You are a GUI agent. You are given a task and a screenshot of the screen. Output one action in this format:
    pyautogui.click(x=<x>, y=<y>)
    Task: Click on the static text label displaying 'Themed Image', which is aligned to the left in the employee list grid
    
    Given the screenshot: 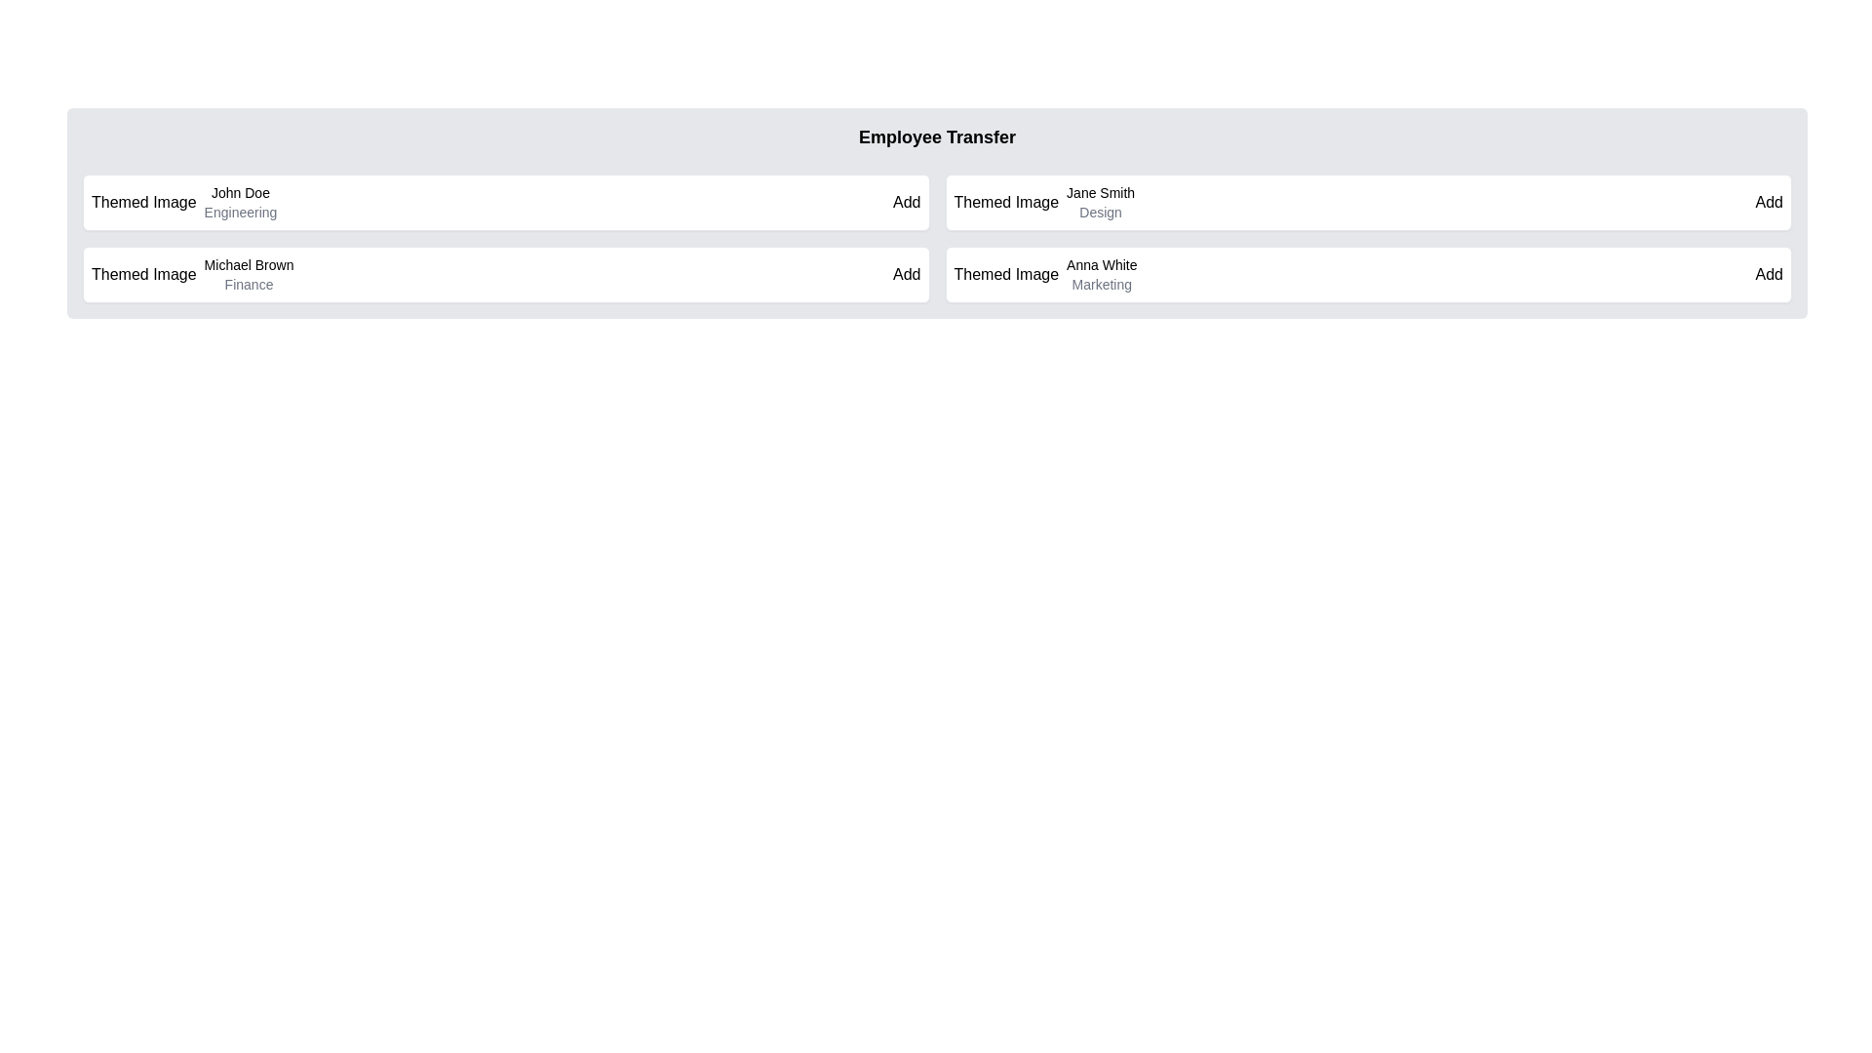 What is the action you would take?
    pyautogui.click(x=1006, y=203)
    